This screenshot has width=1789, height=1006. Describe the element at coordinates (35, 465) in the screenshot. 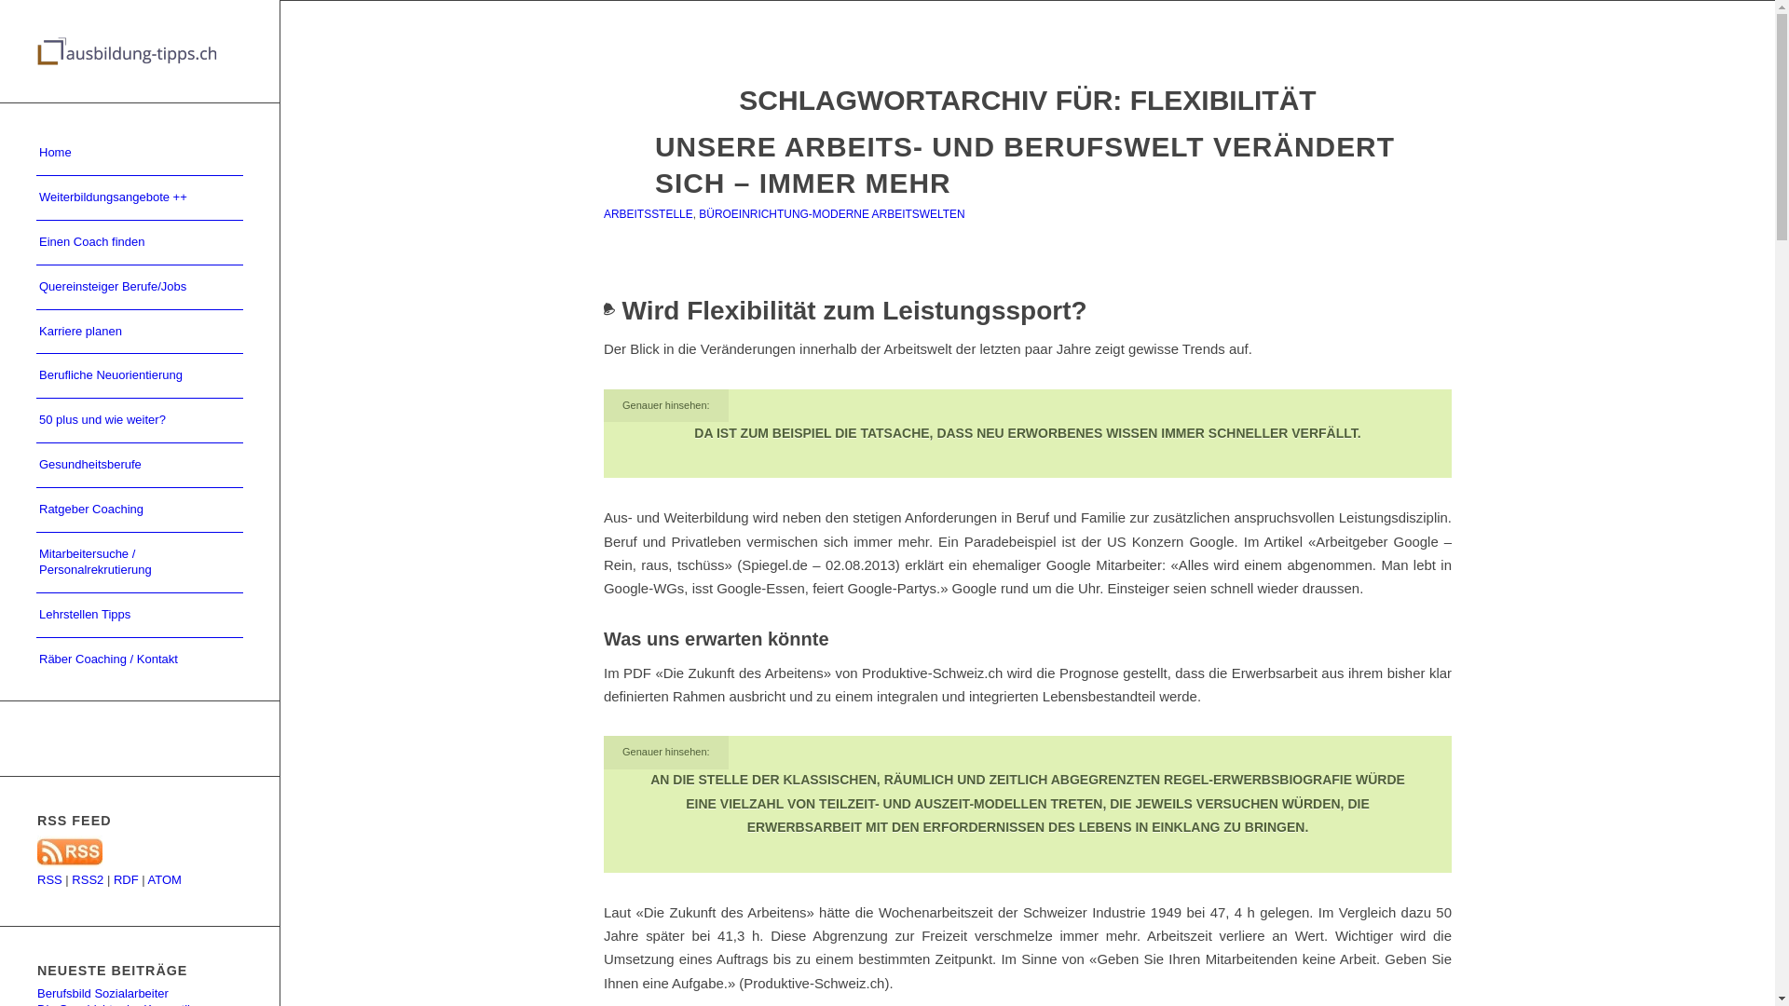

I see `'Gesundheitsberufe'` at that location.